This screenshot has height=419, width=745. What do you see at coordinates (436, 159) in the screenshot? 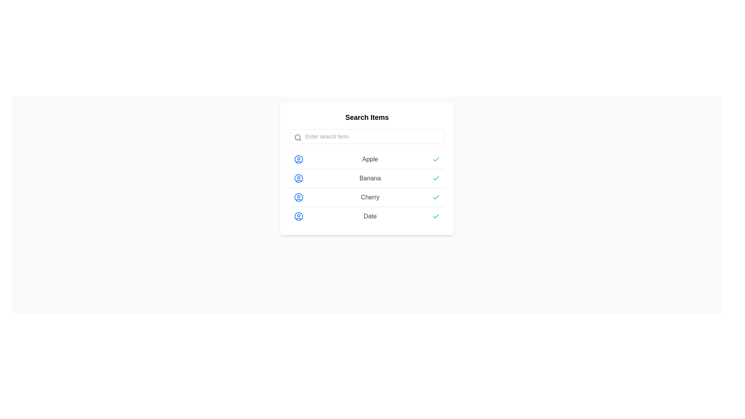
I see `the green checkmark icon located at the far-right end of the row labeled 'Apple.'` at bounding box center [436, 159].